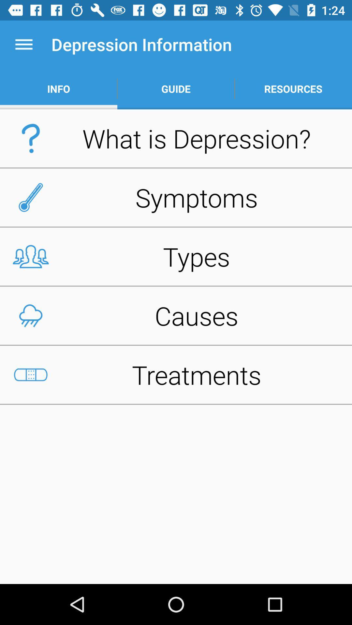  Describe the element at coordinates (293, 89) in the screenshot. I see `app at the top right corner` at that location.